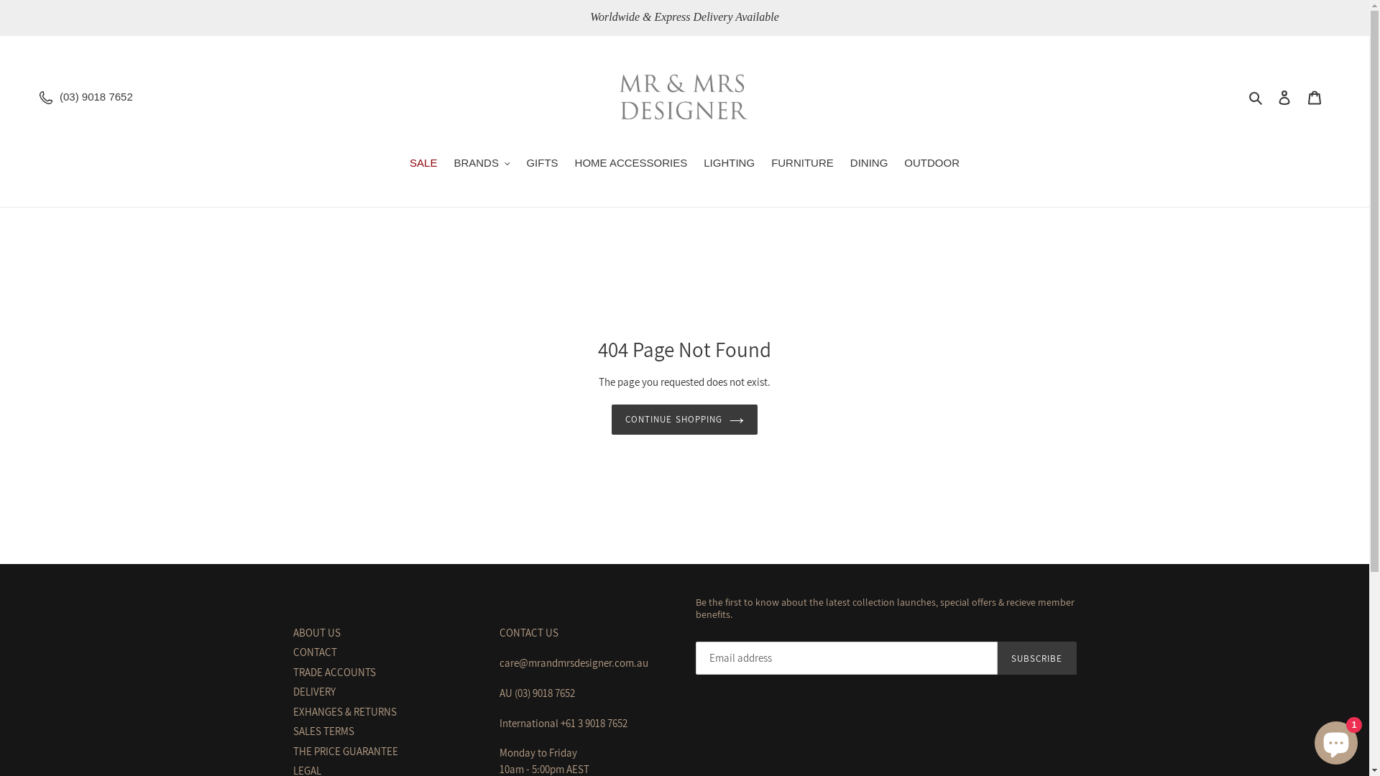 The image size is (1380, 776). What do you see at coordinates (1335, 739) in the screenshot?
I see `'Shopify online store chat'` at bounding box center [1335, 739].